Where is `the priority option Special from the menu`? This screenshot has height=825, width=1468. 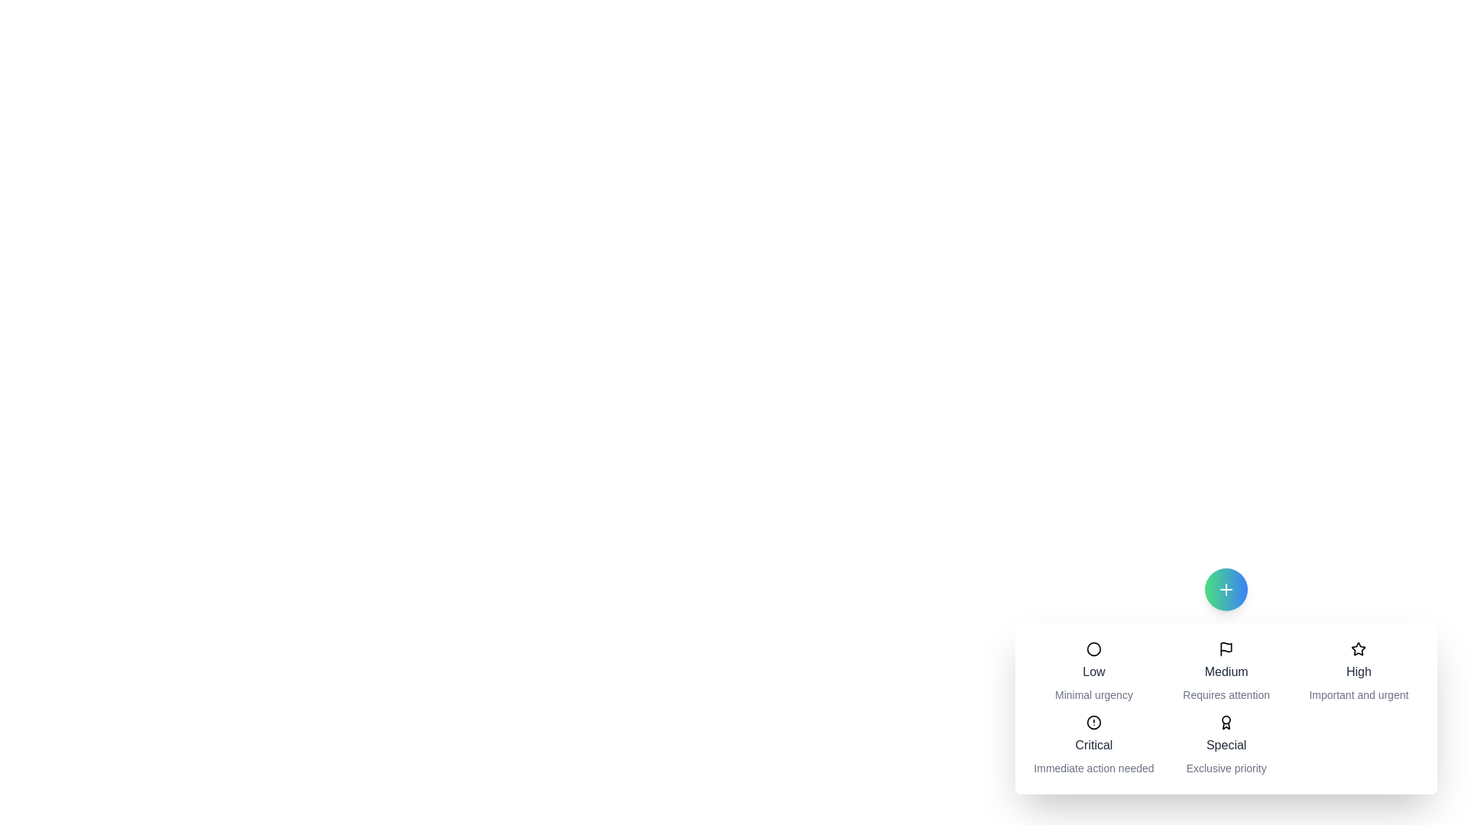 the priority option Special from the menu is located at coordinates (1226, 744).